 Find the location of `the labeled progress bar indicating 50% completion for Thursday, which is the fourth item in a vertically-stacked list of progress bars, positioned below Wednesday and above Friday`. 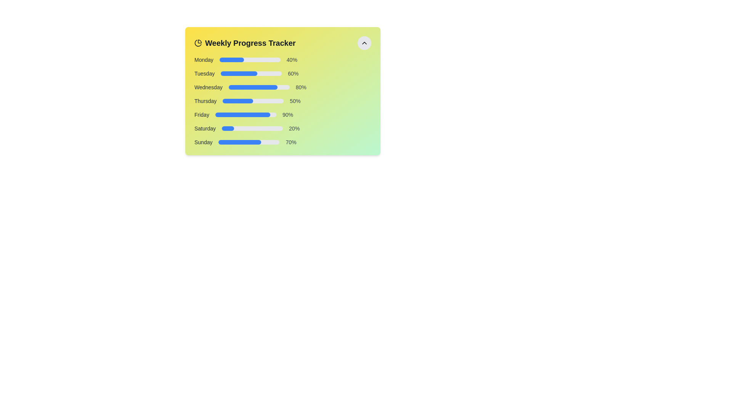

the labeled progress bar indicating 50% completion for Thursday, which is the fourth item in a vertically-stacked list of progress bars, positioned below Wednesday and above Friday is located at coordinates (283, 101).